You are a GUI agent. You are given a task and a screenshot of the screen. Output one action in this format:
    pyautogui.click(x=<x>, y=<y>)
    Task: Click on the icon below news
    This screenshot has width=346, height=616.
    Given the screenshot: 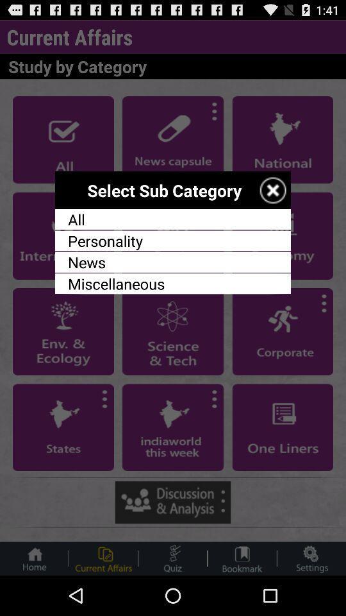 What is the action you would take?
    pyautogui.click(x=173, y=284)
    